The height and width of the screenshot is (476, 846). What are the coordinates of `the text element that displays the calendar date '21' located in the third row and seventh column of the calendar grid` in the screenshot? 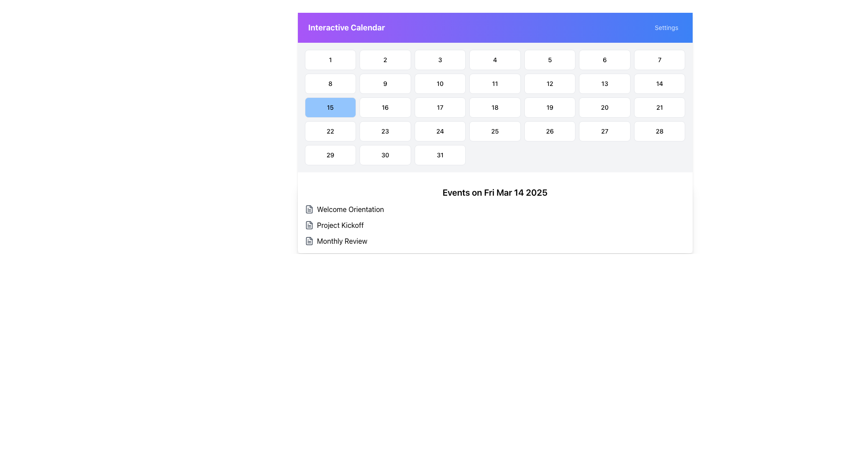 It's located at (660, 107).